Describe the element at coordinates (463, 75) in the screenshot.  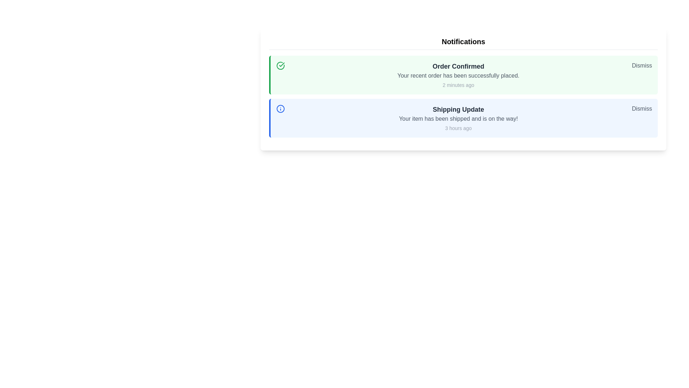
I see `the 'Order Confirmed' notification to view details` at that location.